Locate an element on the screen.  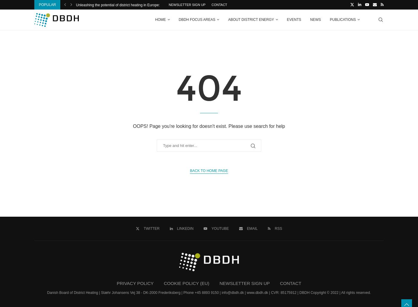
'Publications' is located at coordinates (343, 20).